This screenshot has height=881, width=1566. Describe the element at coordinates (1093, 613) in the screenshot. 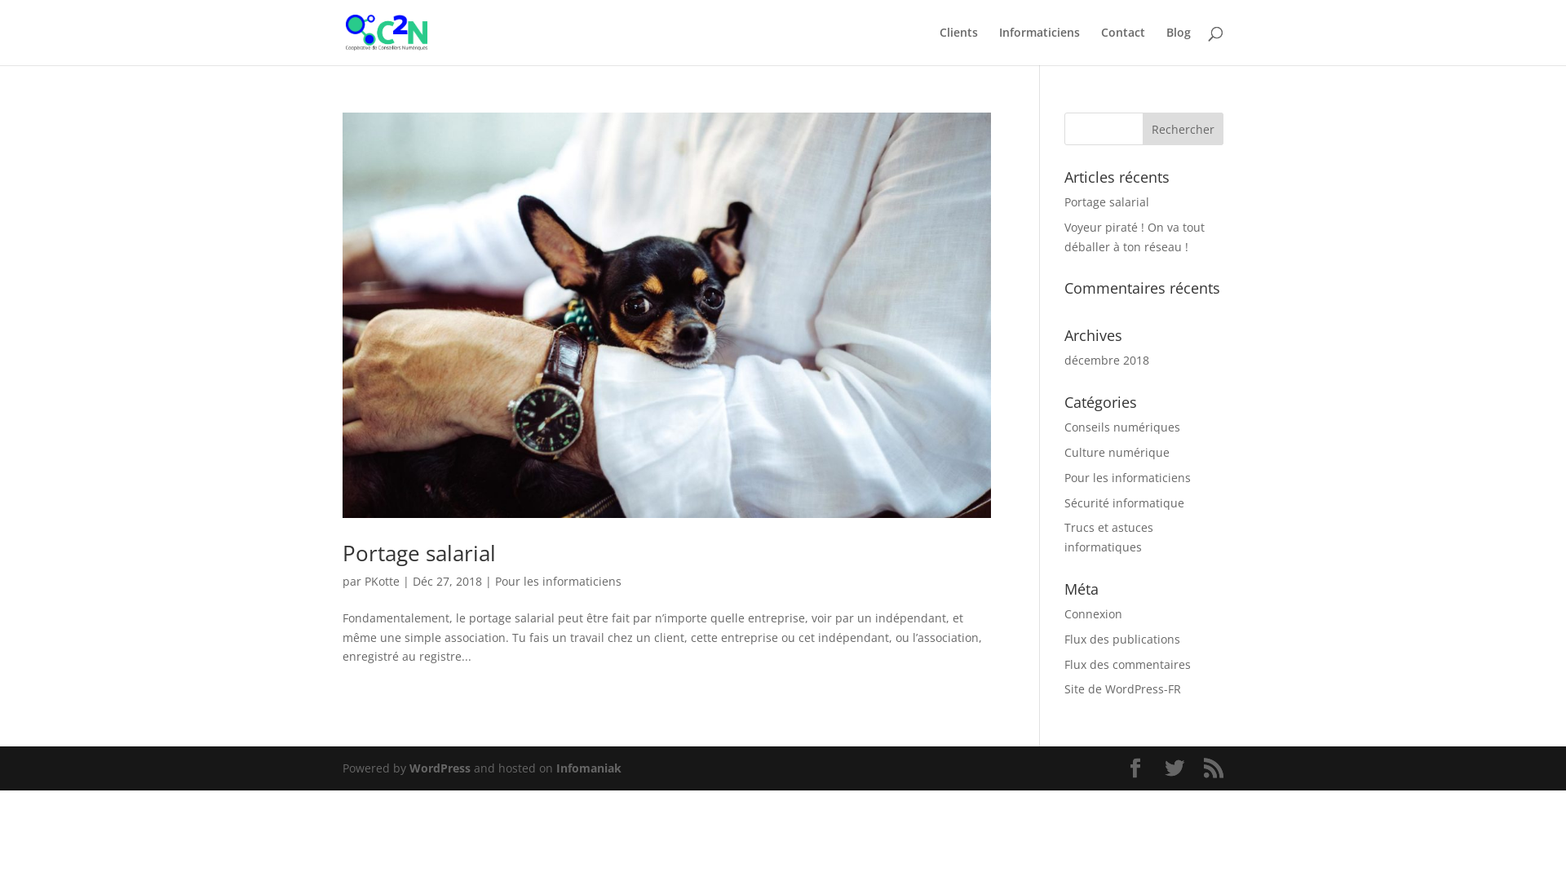

I see `'Connexion'` at that location.